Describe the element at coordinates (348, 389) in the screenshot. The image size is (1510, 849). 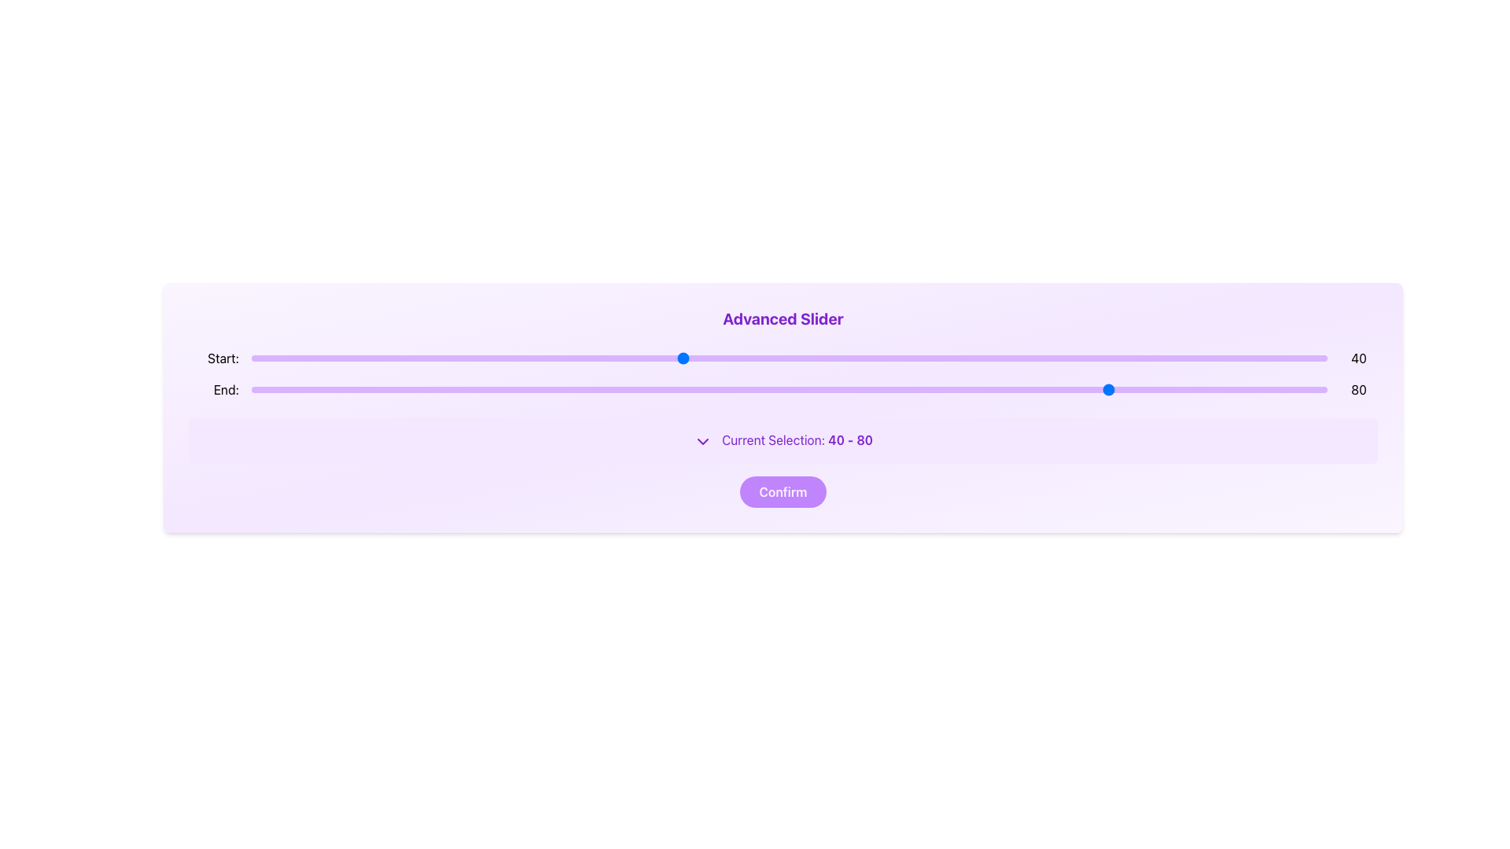
I see `the slider value` at that location.